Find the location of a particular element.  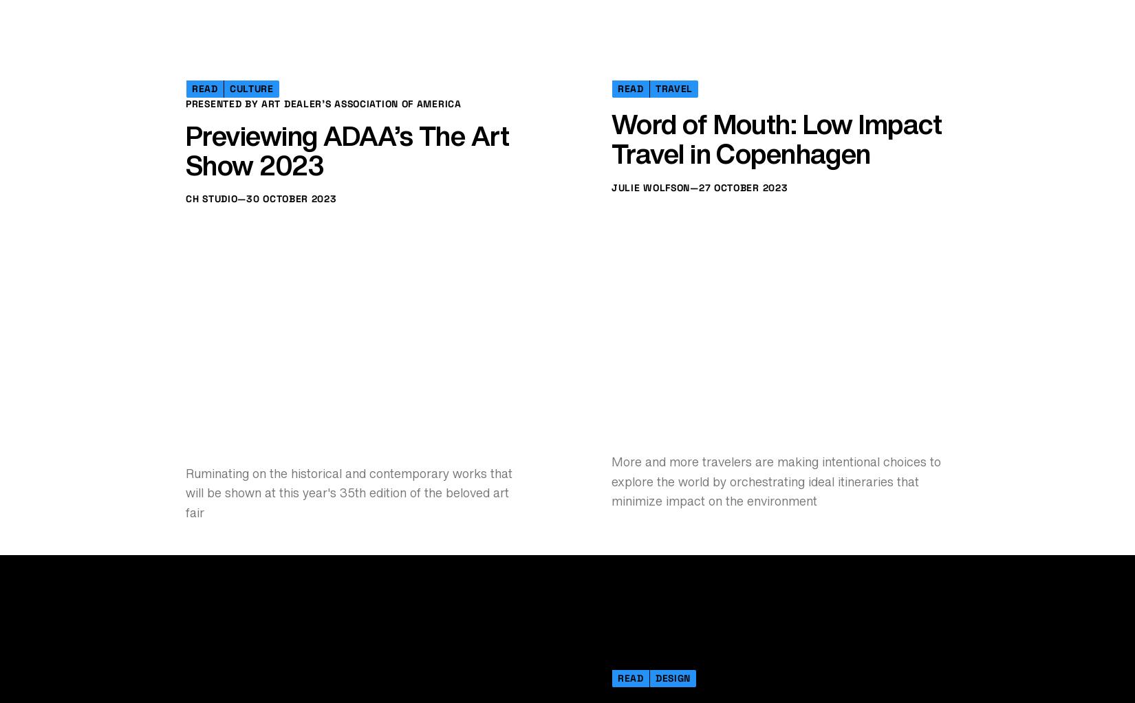

'Culture' is located at coordinates (250, 321).